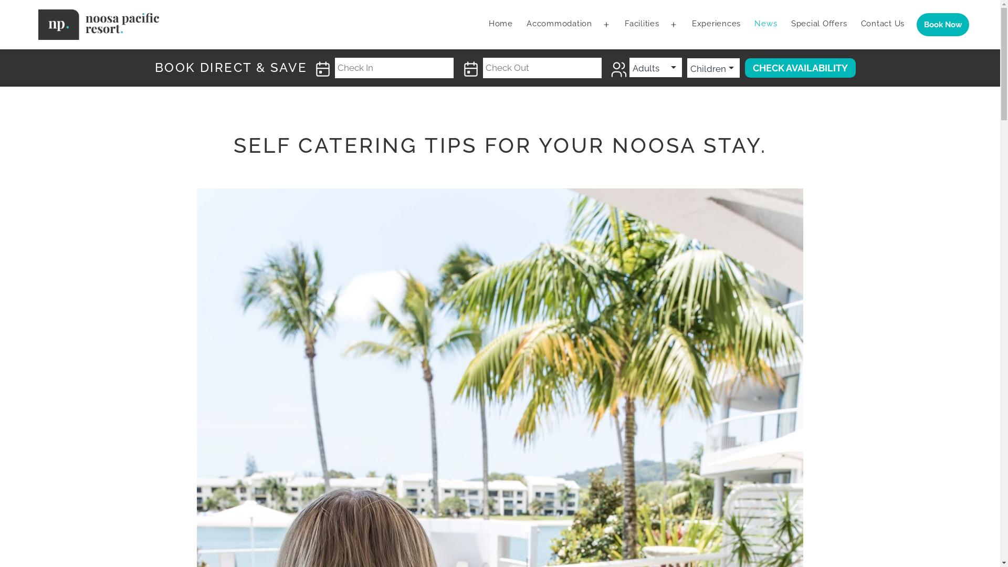 Image resolution: width=1008 pixels, height=567 pixels. What do you see at coordinates (606, 24) in the screenshot?
I see `'Open menu'` at bounding box center [606, 24].